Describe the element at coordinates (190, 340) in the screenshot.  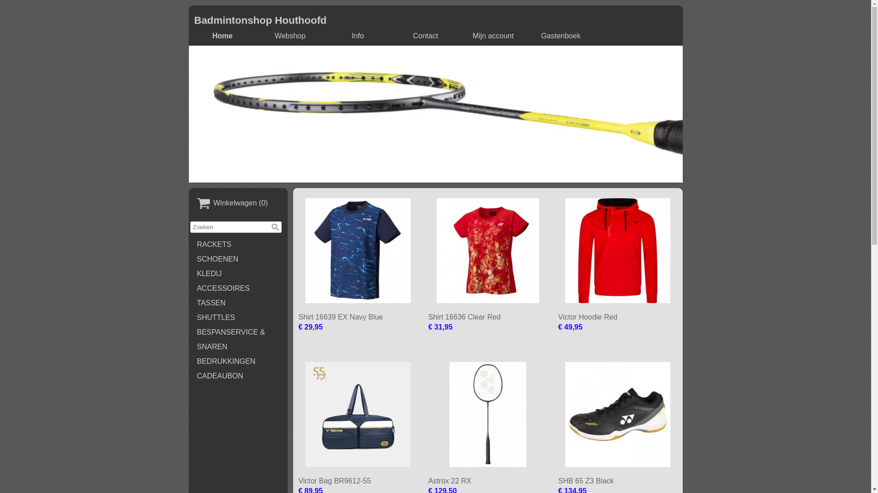
I see `'BESPANSERVICE & SNAREN'` at that location.